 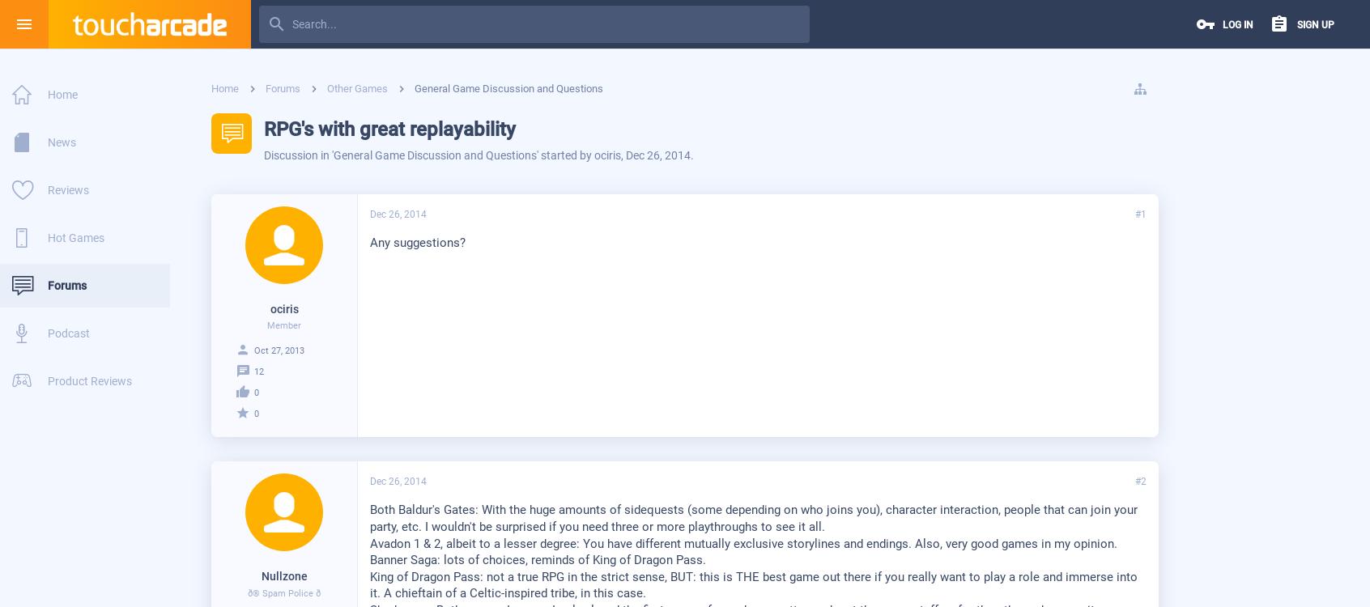 What do you see at coordinates (278, 350) in the screenshot?
I see `'Oct 27, 2013'` at bounding box center [278, 350].